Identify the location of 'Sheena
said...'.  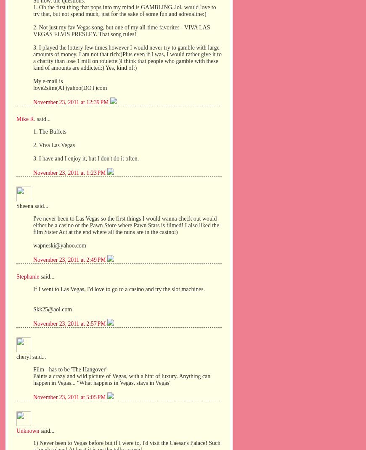
(32, 205).